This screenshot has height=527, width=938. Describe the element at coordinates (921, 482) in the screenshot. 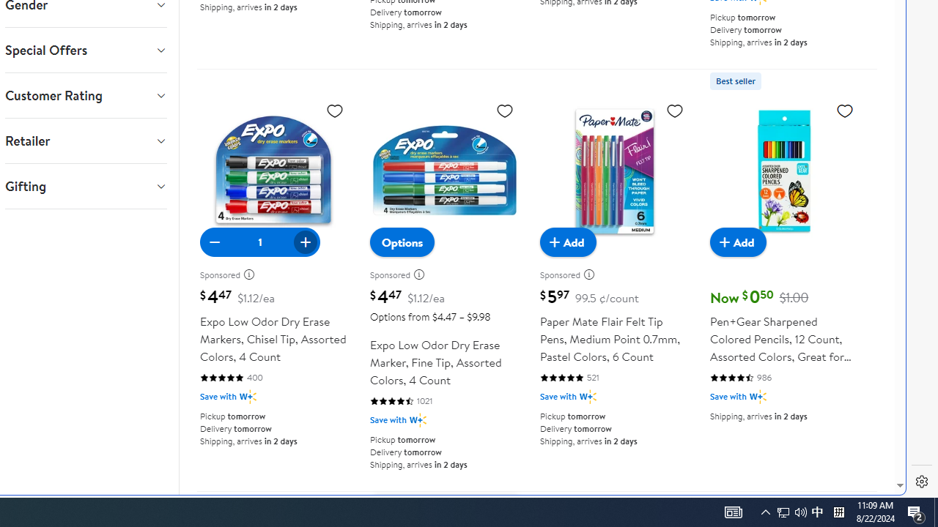

I see `'Settings'` at that location.